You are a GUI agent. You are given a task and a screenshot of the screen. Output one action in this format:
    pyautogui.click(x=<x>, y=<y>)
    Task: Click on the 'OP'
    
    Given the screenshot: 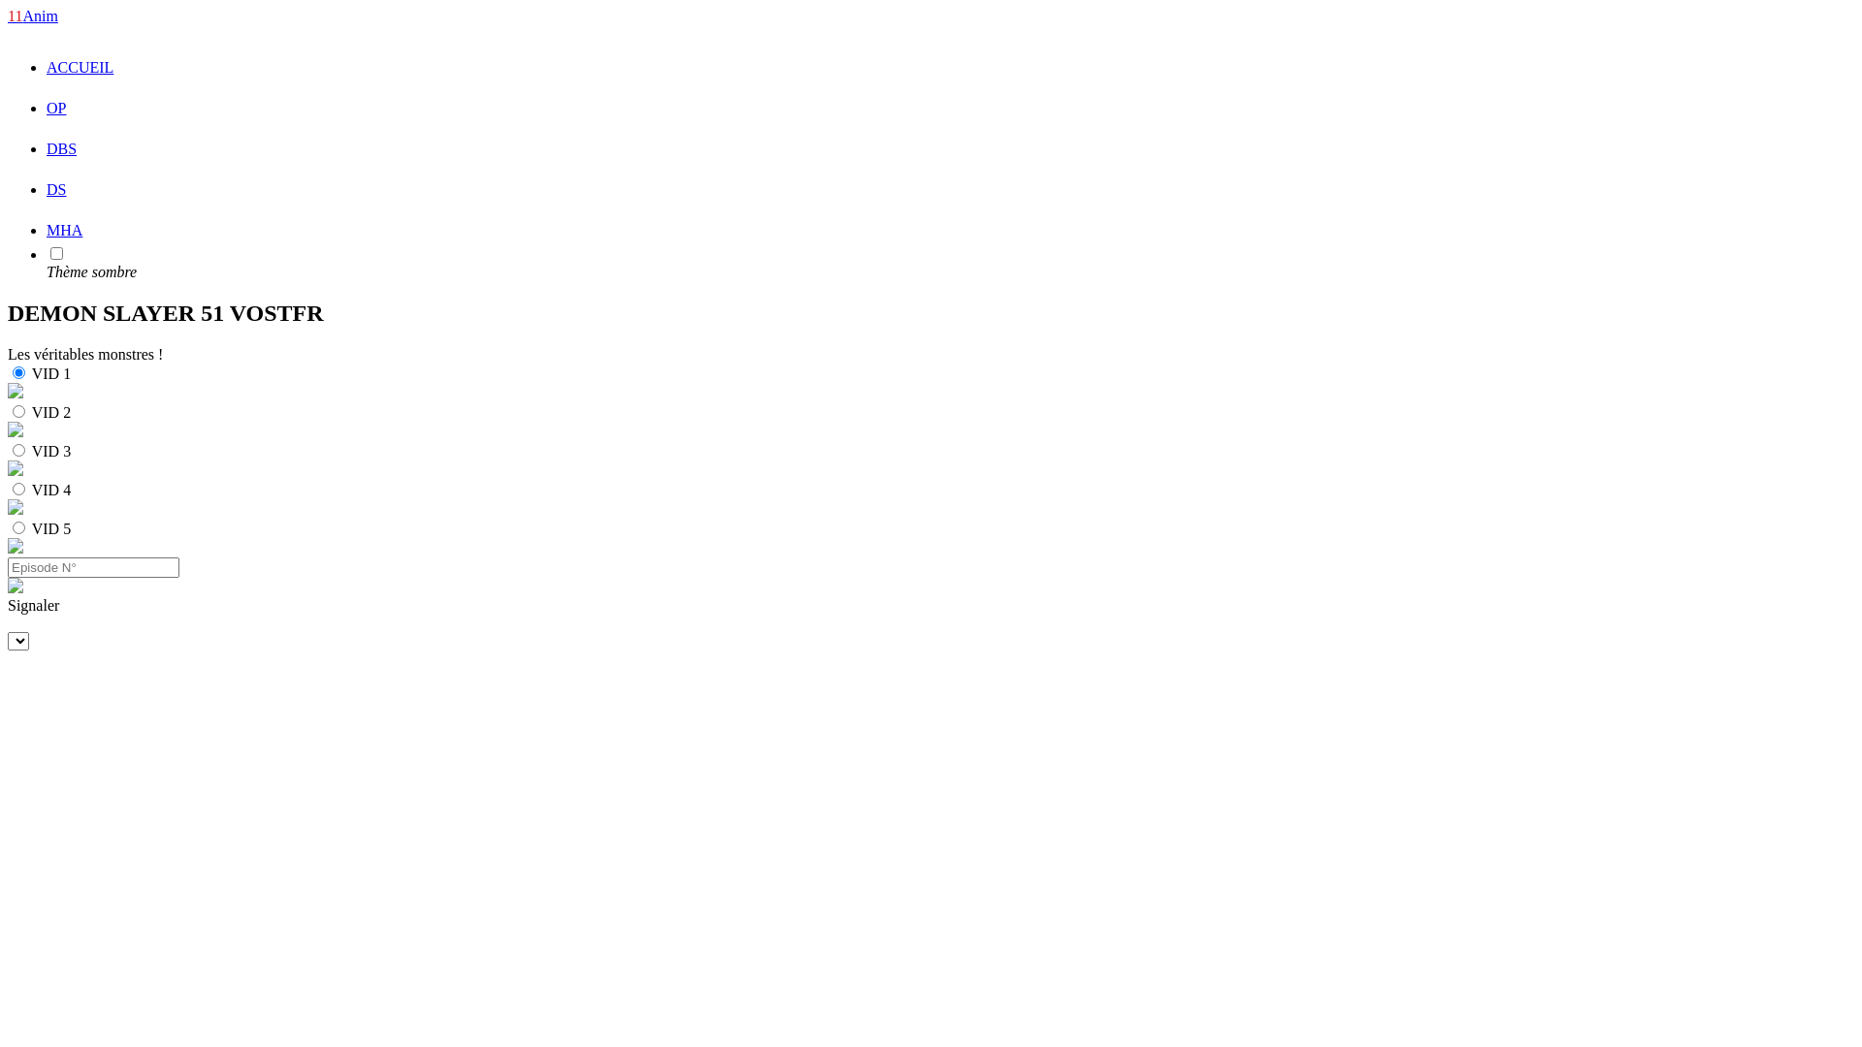 What is the action you would take?
    pyautogui.click(x=55, y=108)
    